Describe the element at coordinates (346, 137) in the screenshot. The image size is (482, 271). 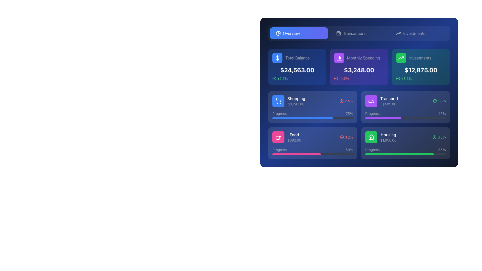
I see `the informational label with a percentage decrease indicator located in the top-right corner of the 'Food' card, right next to the monetary value '$892.00'` at that location.